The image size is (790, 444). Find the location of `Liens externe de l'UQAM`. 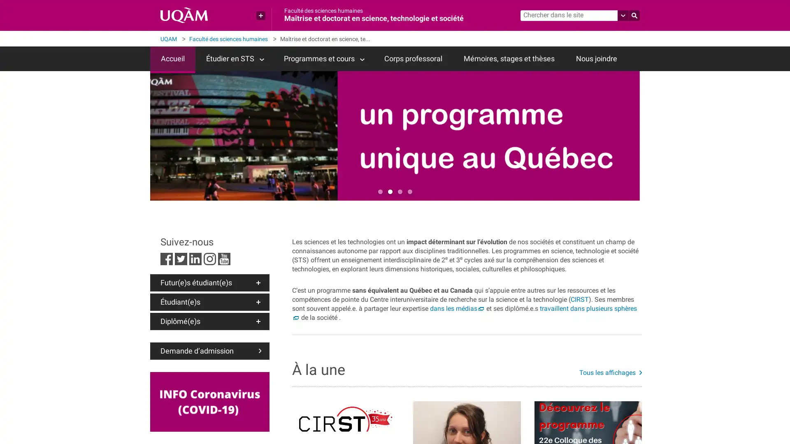

Liens externe de l'UQAM is located at coordinates (260, 16).